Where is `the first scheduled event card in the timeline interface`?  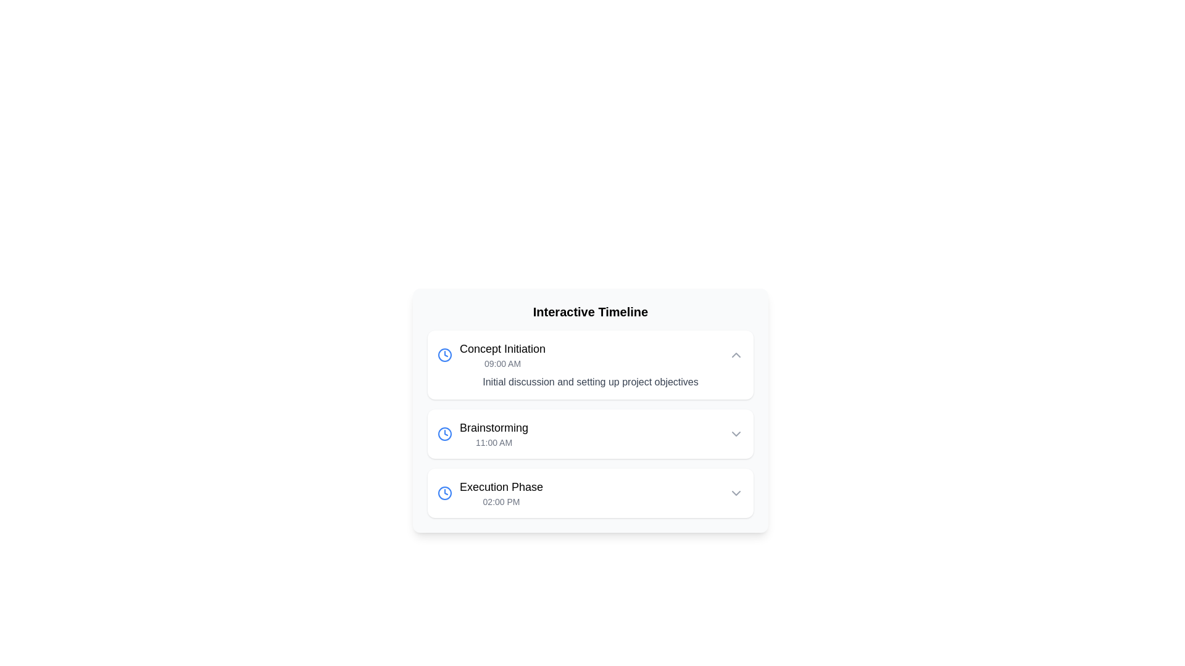 the first scheduled event card in the timeline interface is located at coordinates (589, 364).